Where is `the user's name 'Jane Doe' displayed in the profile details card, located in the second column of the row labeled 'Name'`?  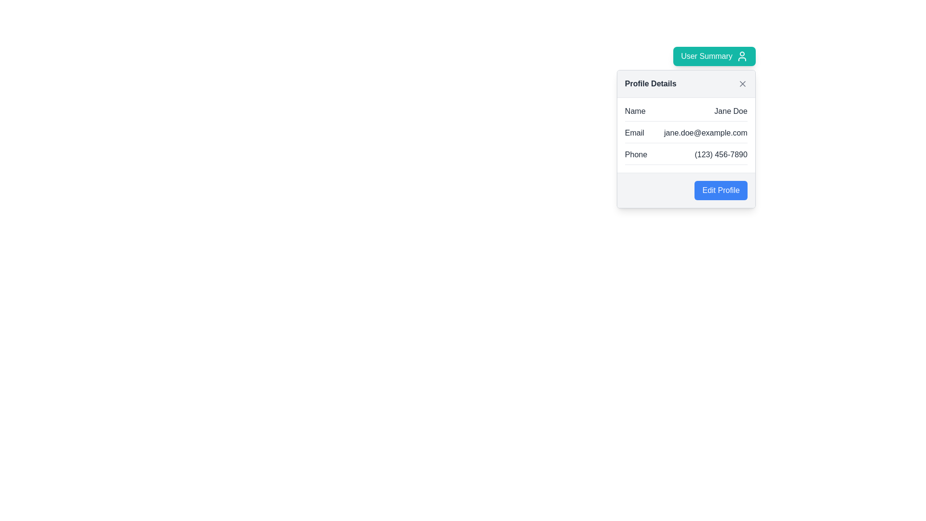 the user's name 'Jane Doe' displayed in the profile details card, located in the second column of the row labeled 'Name' is located at coordinates (731, 111).